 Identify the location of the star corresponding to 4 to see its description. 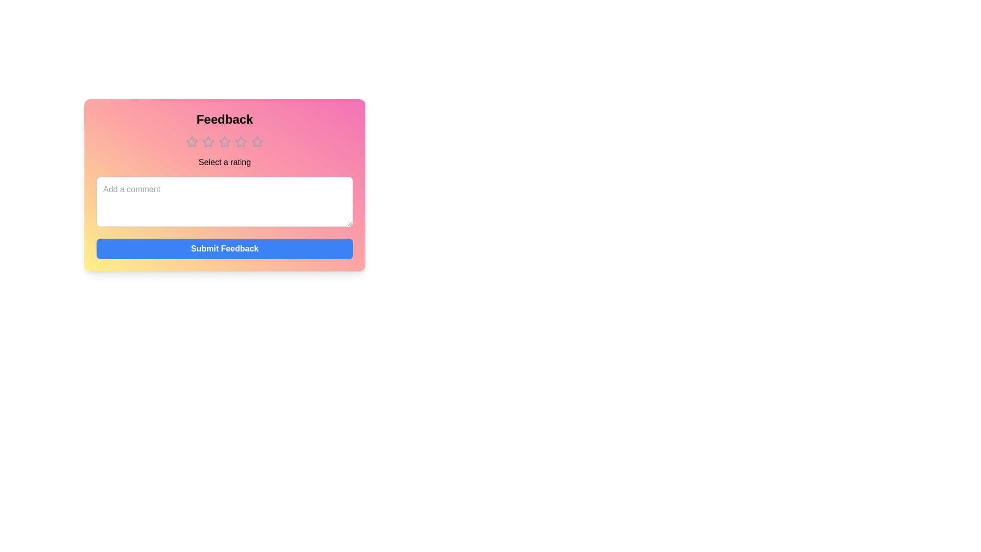
(240, 142).